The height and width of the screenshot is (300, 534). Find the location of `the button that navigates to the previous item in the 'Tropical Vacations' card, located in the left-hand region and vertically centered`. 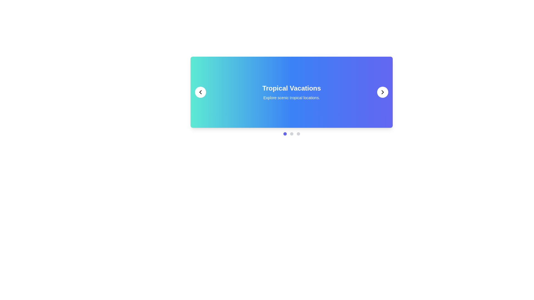

the button that navigates to the previous item in the 'Tropical Vacations' card, located in the left-hand region and vertically centered is located at coordinates (200, 92).